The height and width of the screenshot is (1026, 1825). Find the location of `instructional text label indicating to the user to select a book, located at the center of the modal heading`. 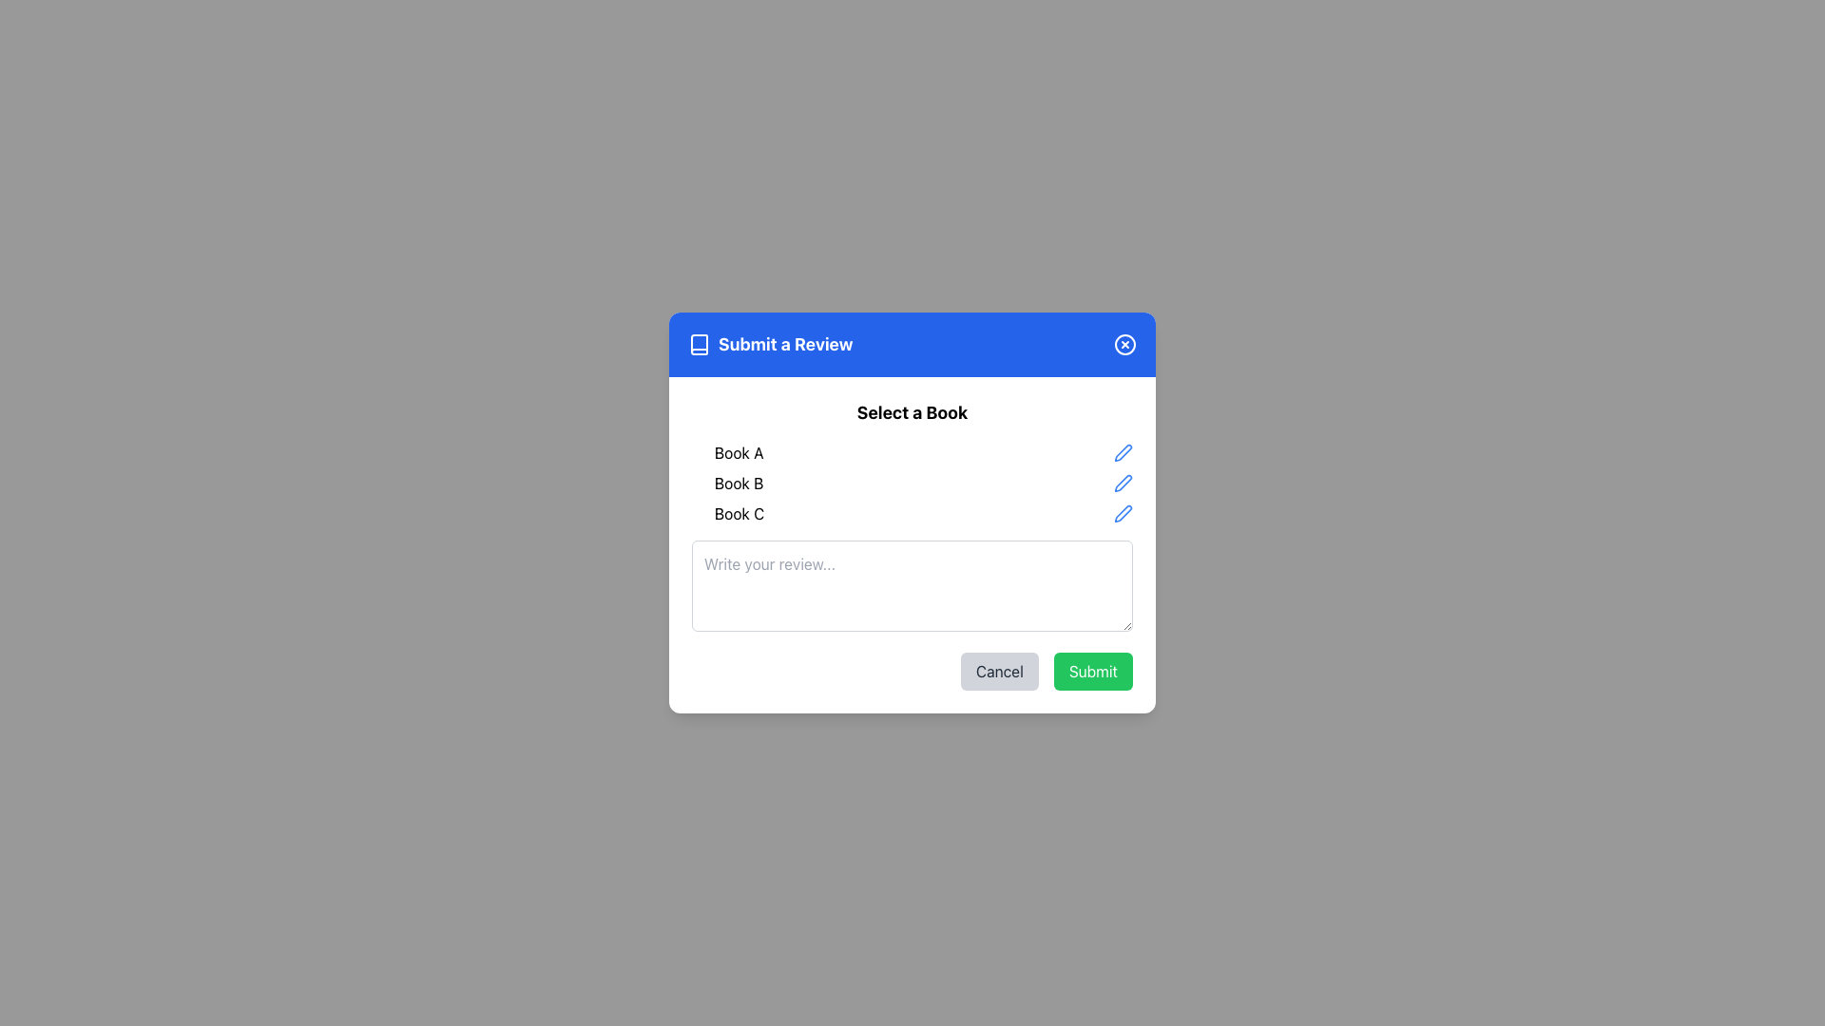

instructional text label indicating to the user to select a book, located at the center of the modal heading is located at coordinates (912, 412).